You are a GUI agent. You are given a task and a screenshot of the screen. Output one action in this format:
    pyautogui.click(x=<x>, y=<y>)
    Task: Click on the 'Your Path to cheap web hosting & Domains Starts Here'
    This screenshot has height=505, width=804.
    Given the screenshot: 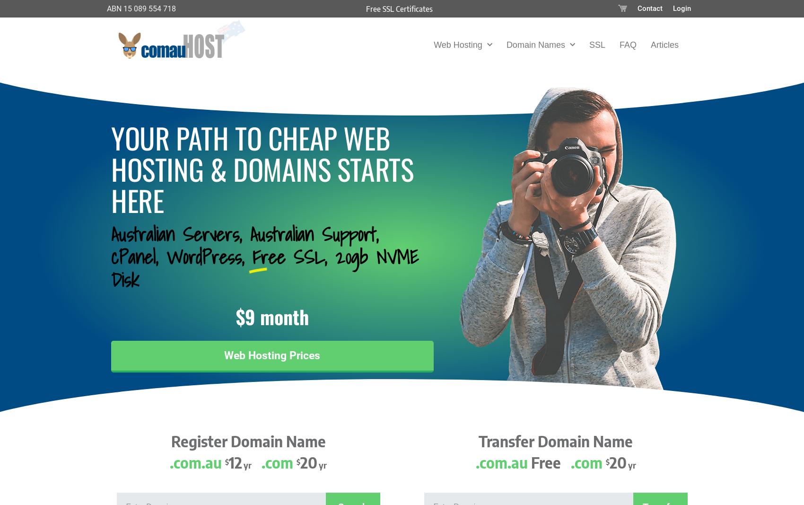 What is the action you would take?
    pyautogui.click(x=262, y=168)
    